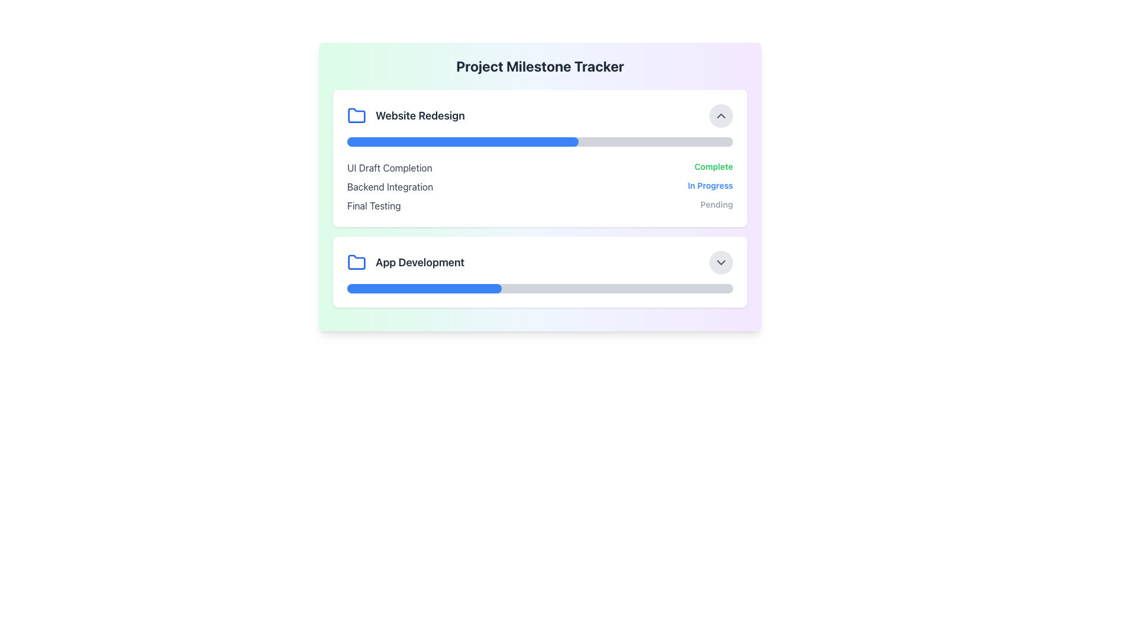  Describe the element at coordinates (424, 289) in the screenshot. I see `the blue filled portion of the progress bar under the 'App Development' section in the 'Project Milestone Tracker' interface` at that location.